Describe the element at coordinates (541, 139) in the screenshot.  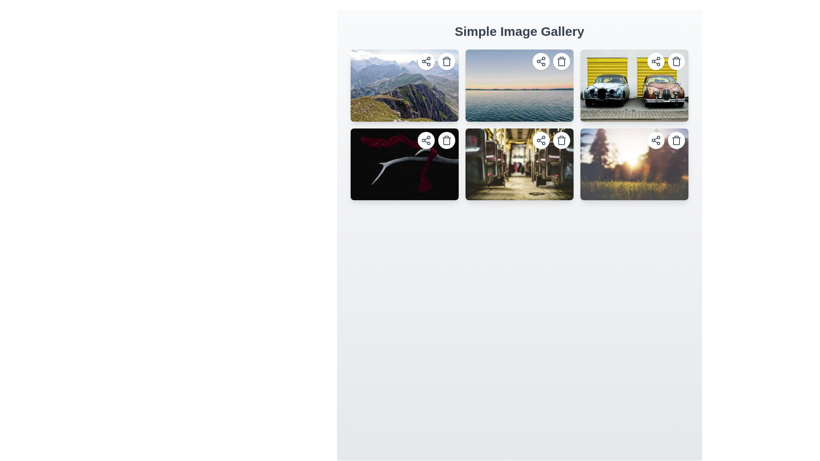
I see `the 'share' icon located in the upper-right corner of the image frame to initiate a share action` at that location.